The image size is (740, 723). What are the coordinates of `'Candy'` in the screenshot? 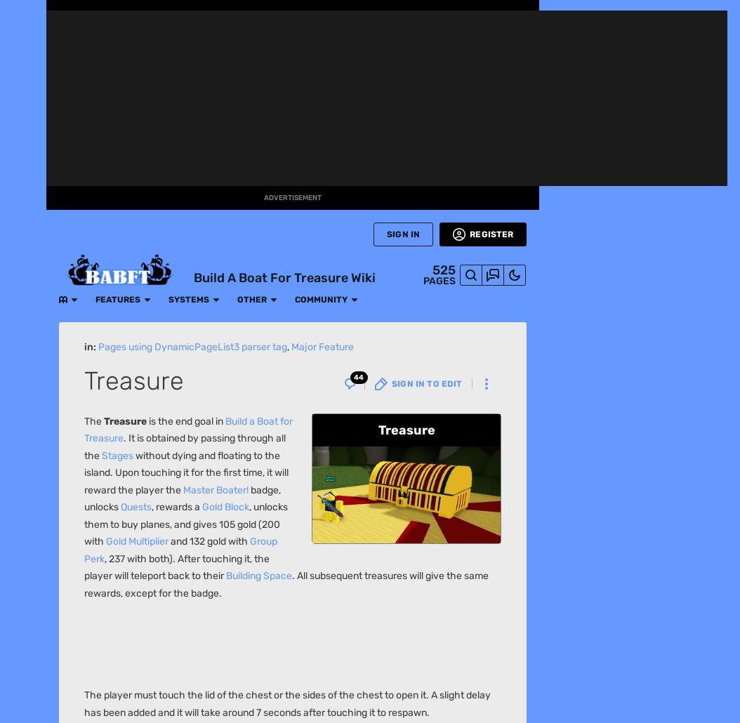 It's located at (137, 177).